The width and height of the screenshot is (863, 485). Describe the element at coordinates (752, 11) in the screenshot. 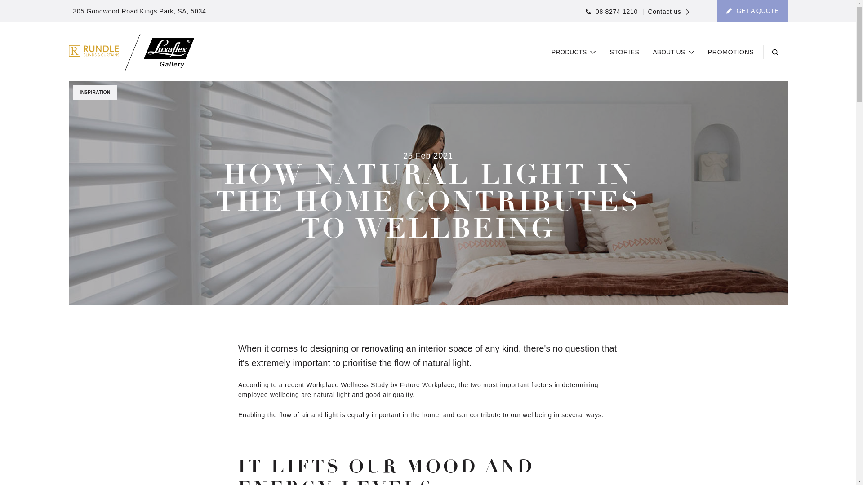

I see `'GET A QUOTE'` at that location.